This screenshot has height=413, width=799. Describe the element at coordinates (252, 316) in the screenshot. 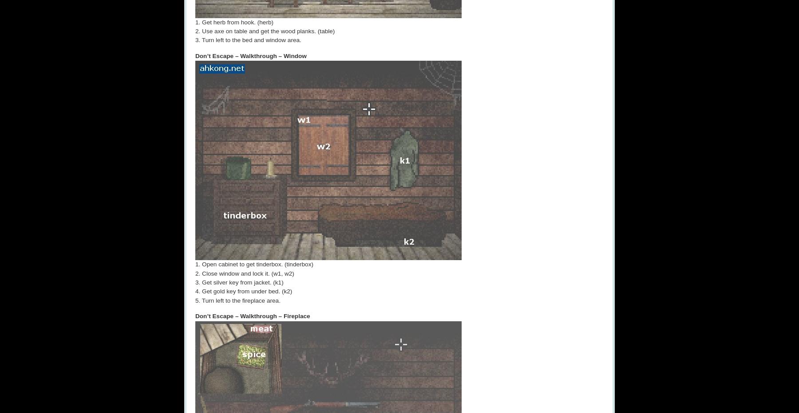

I see `'Don’t Escape – Walkthrough – Fireplace'` at that location.